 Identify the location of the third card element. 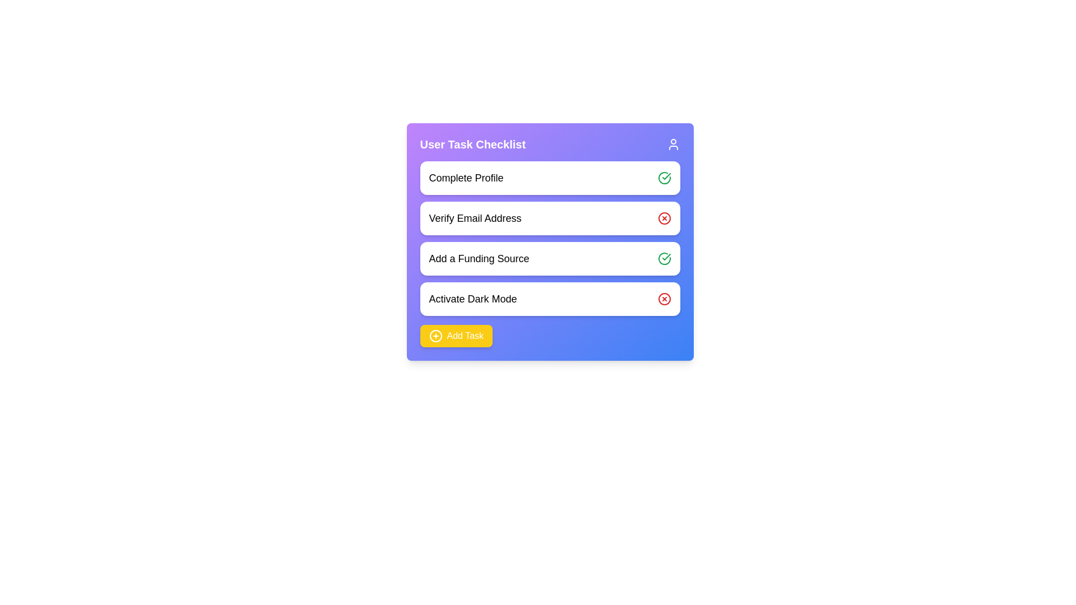
(550, 259).